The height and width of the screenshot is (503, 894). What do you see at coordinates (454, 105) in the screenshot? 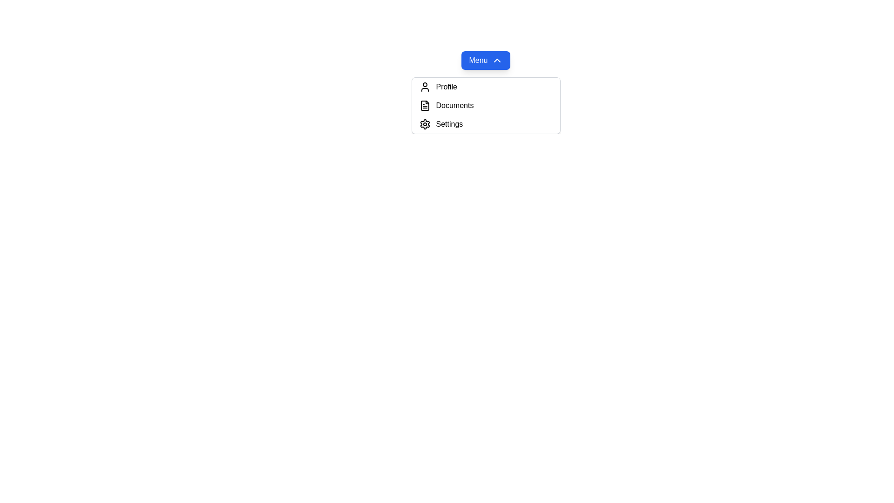
I see `the 'Documents' menu item, which is styled in black sans-serif font and located within the dropdown menu beneath the 'Menu' button` at bounding box center [454, 105].